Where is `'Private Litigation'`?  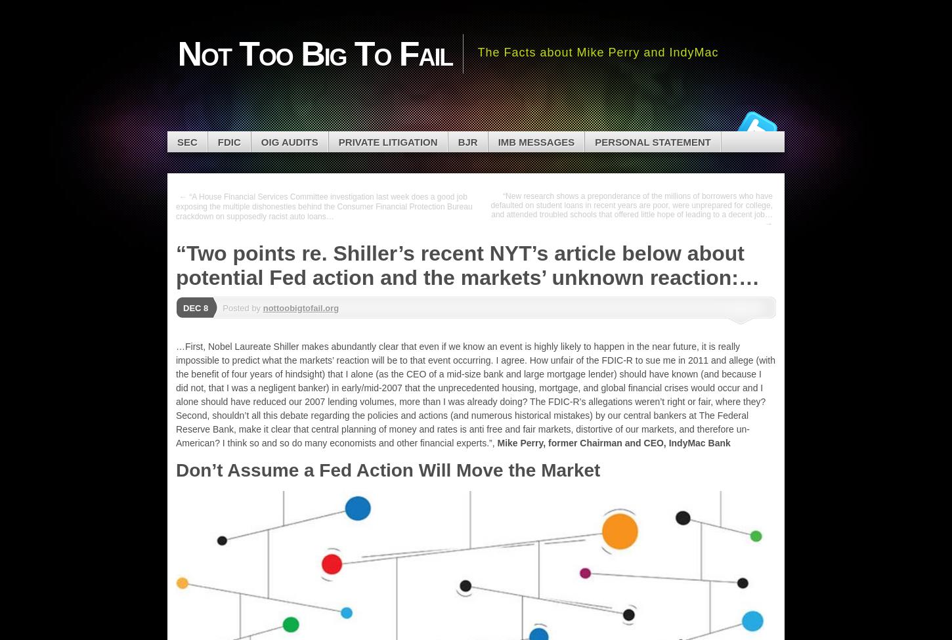
'Private Litigation' is located at coordinates (387, 141).